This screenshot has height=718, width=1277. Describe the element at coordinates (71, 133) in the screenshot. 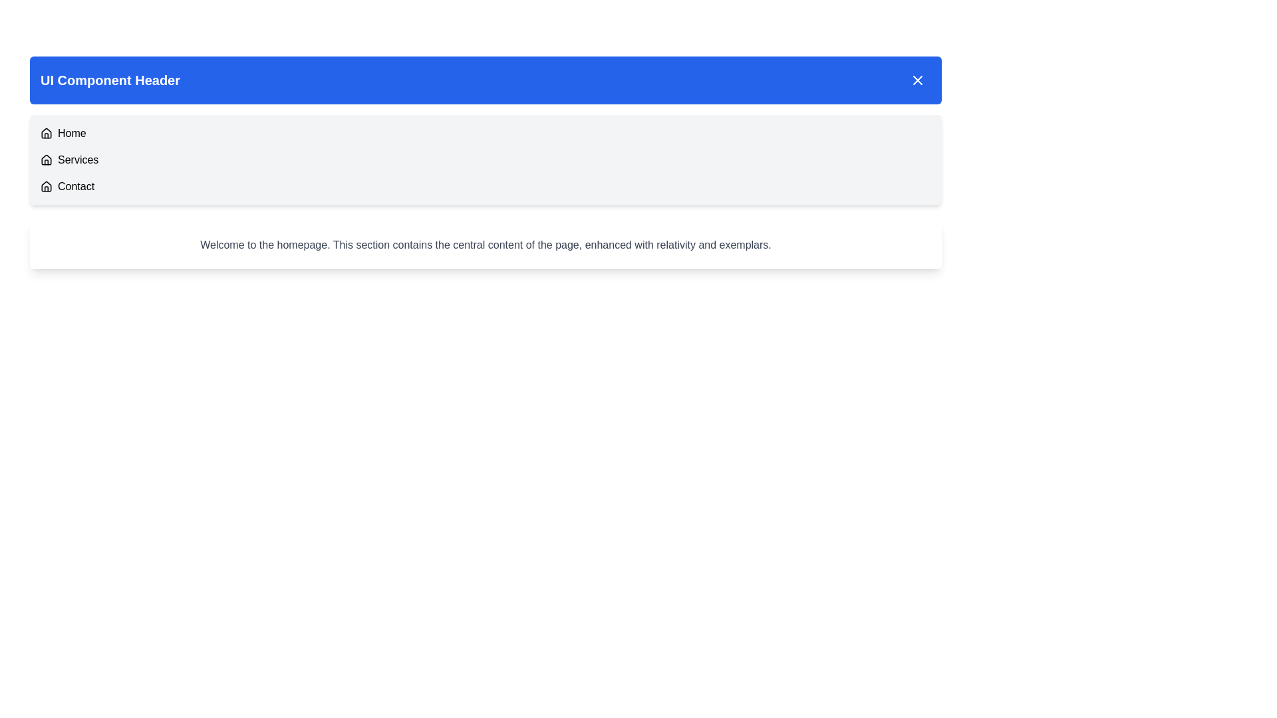

I see `the 'Home' text label to check for tooltip or underline effect` at that location.